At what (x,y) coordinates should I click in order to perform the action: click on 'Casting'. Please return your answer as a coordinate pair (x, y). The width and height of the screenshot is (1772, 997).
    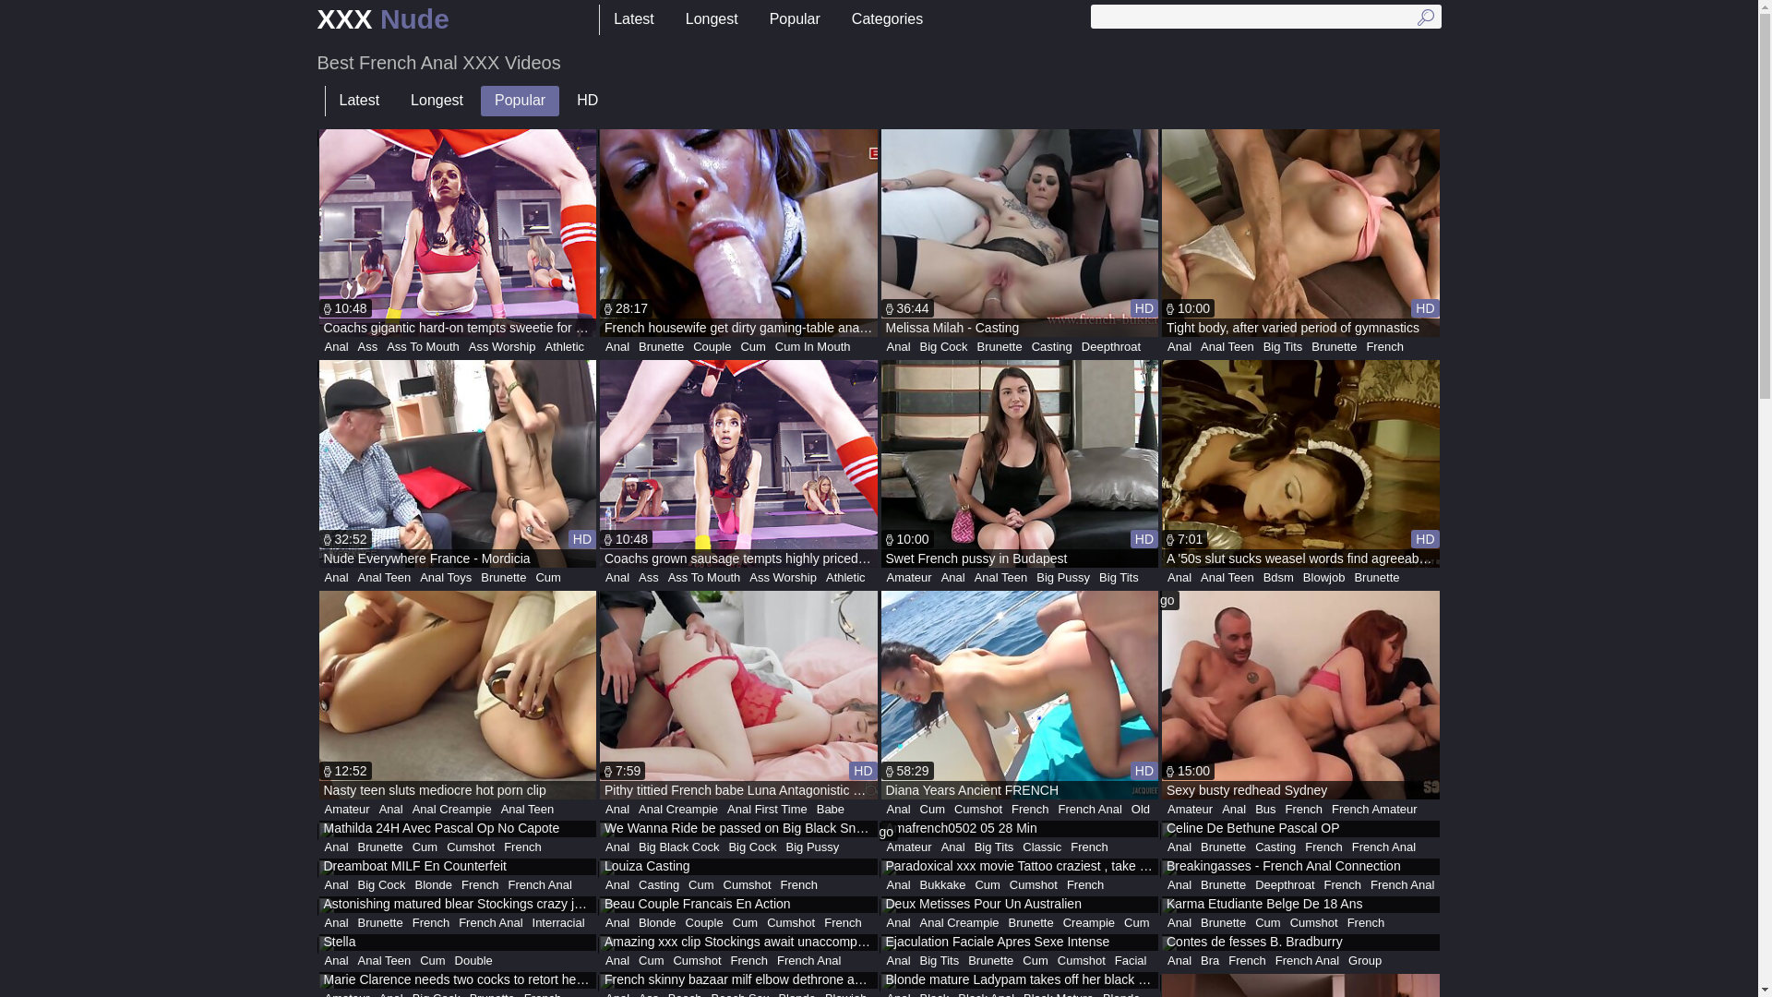
    Looking at the image, I should click on (1026, 346).